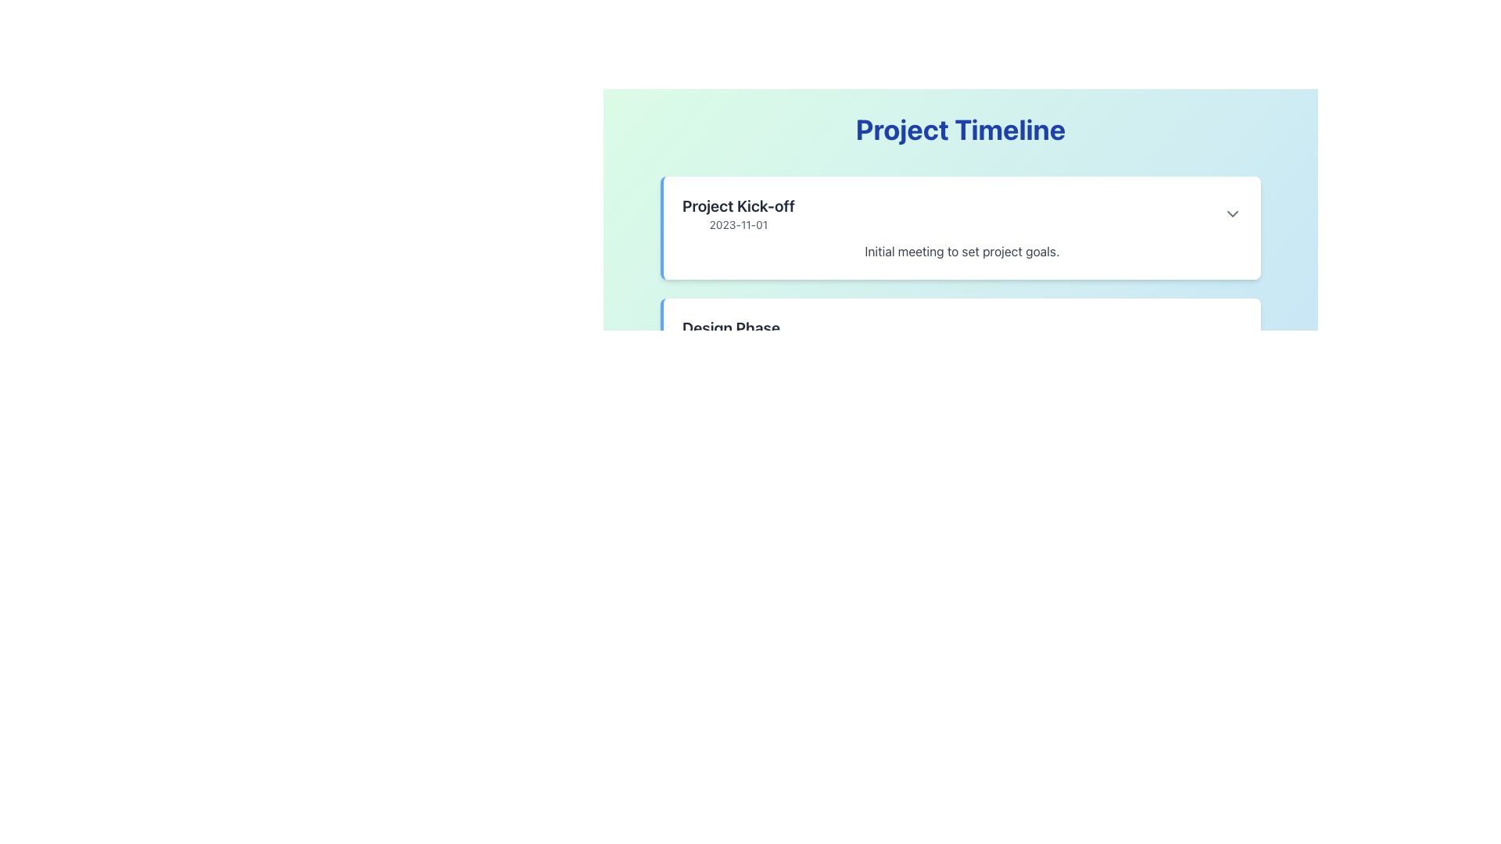  What do you see at coordinates (1232, 334) in the screenshot?
I see `the navigation button located at the far right of the 'Design Phase' section` at bounding box center [1232, 334].